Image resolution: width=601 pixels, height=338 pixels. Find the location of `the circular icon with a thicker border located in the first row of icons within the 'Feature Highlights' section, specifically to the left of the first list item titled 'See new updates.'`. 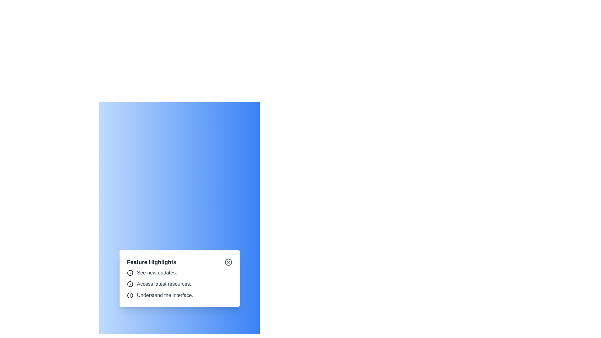

the circular icon with a thicker border located in the first row of icons within the 'Feature Highlights' section, specifically to the left of the first list item titled 'See new updates.' is located at coordinates (130, 272).